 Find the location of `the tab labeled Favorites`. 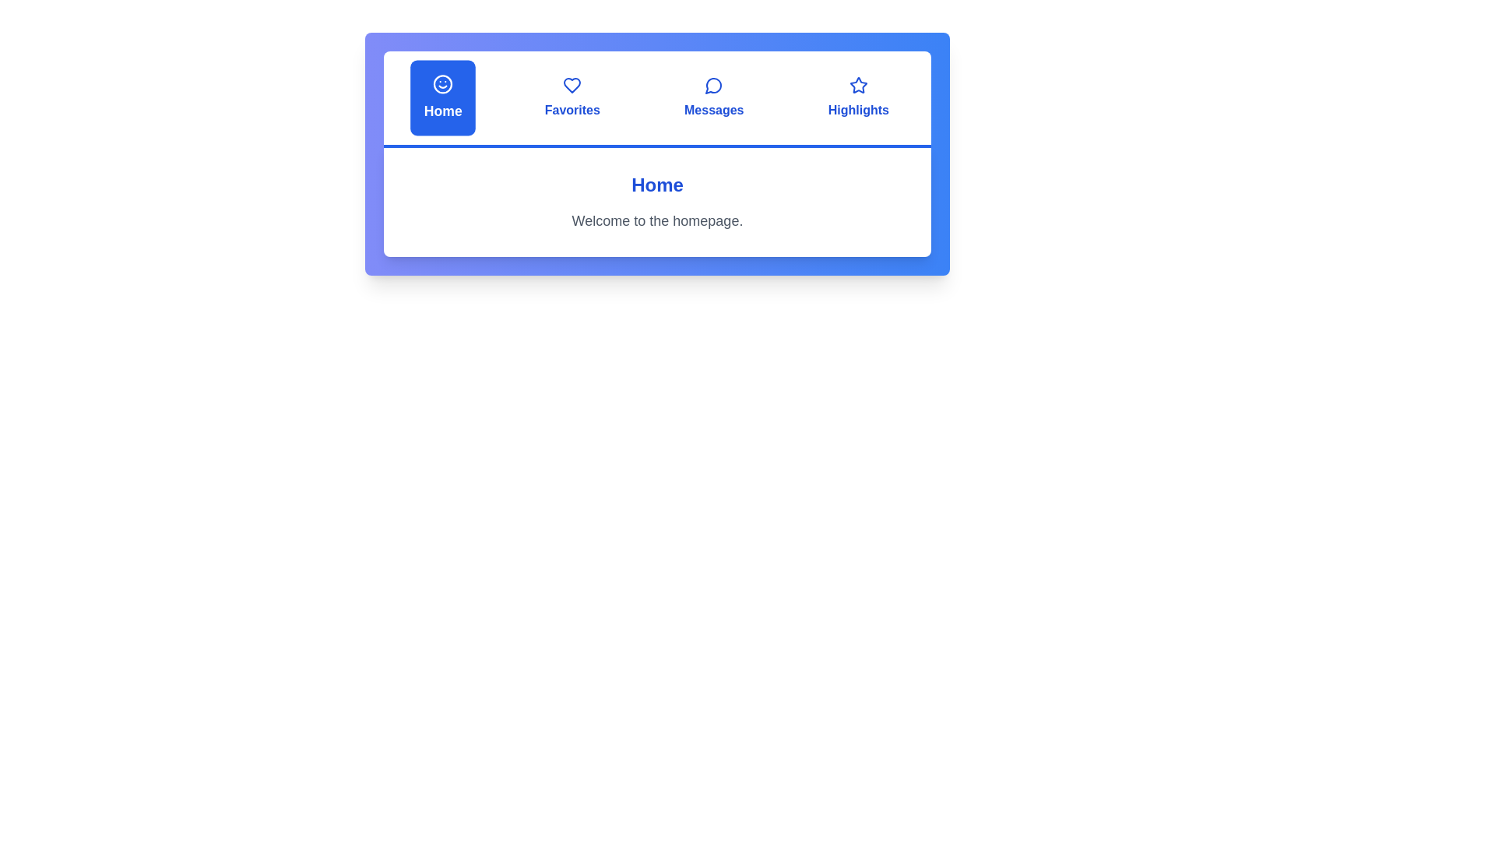

the tab labeled Favorites is located at coordinates (571, 98).